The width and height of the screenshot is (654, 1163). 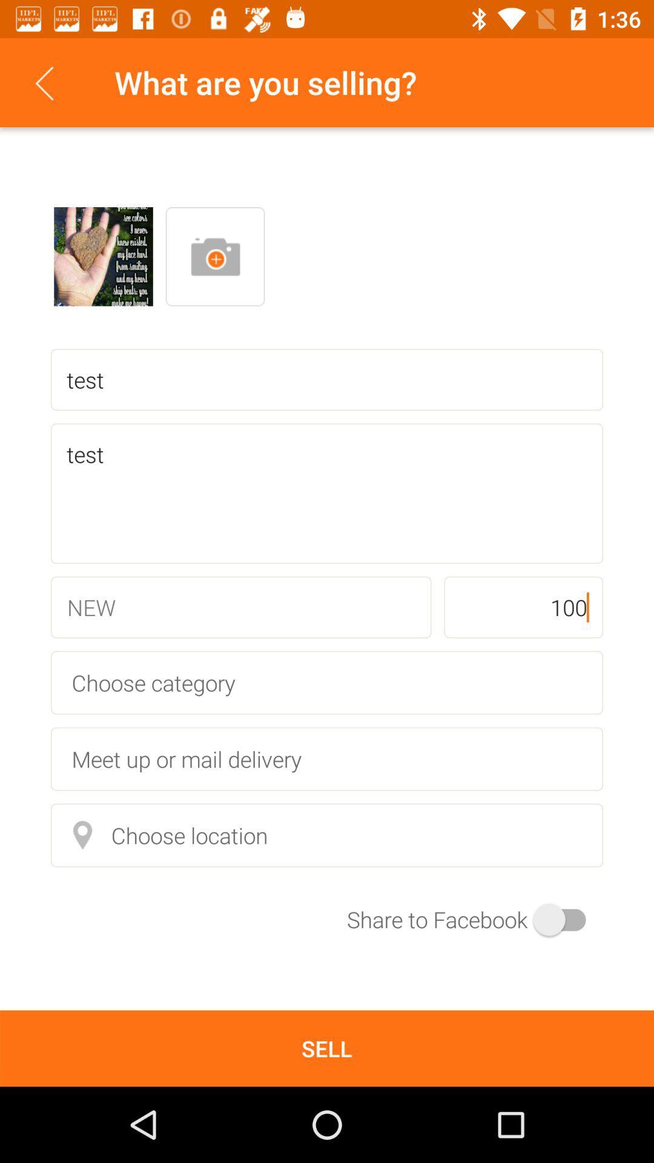 What do you see at coordinates (523, 607) in the screenshot?
I see `icon next to    new item` at bounding box center [523, 607].